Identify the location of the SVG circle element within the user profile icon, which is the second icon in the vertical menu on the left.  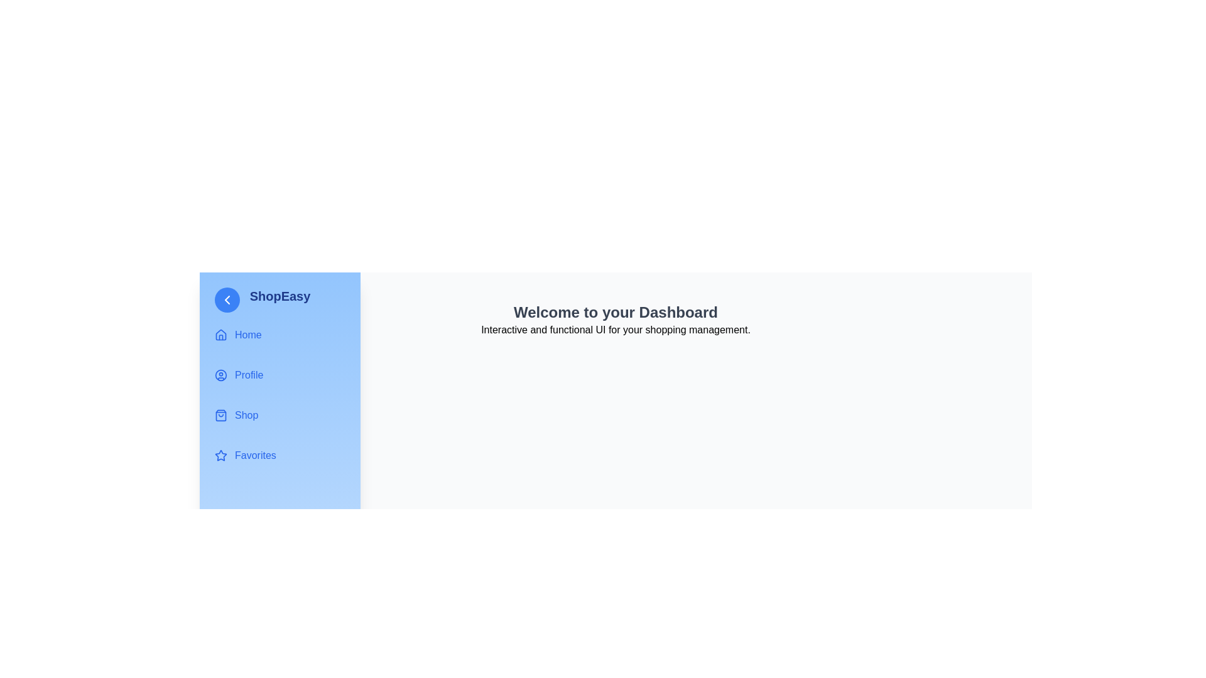
(220, 374).